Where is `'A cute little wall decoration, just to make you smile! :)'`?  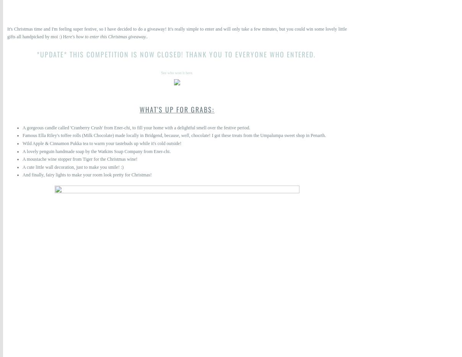
'A cute little wall decoration, just to make you smile! :)' is located at coordinates (73, 166).